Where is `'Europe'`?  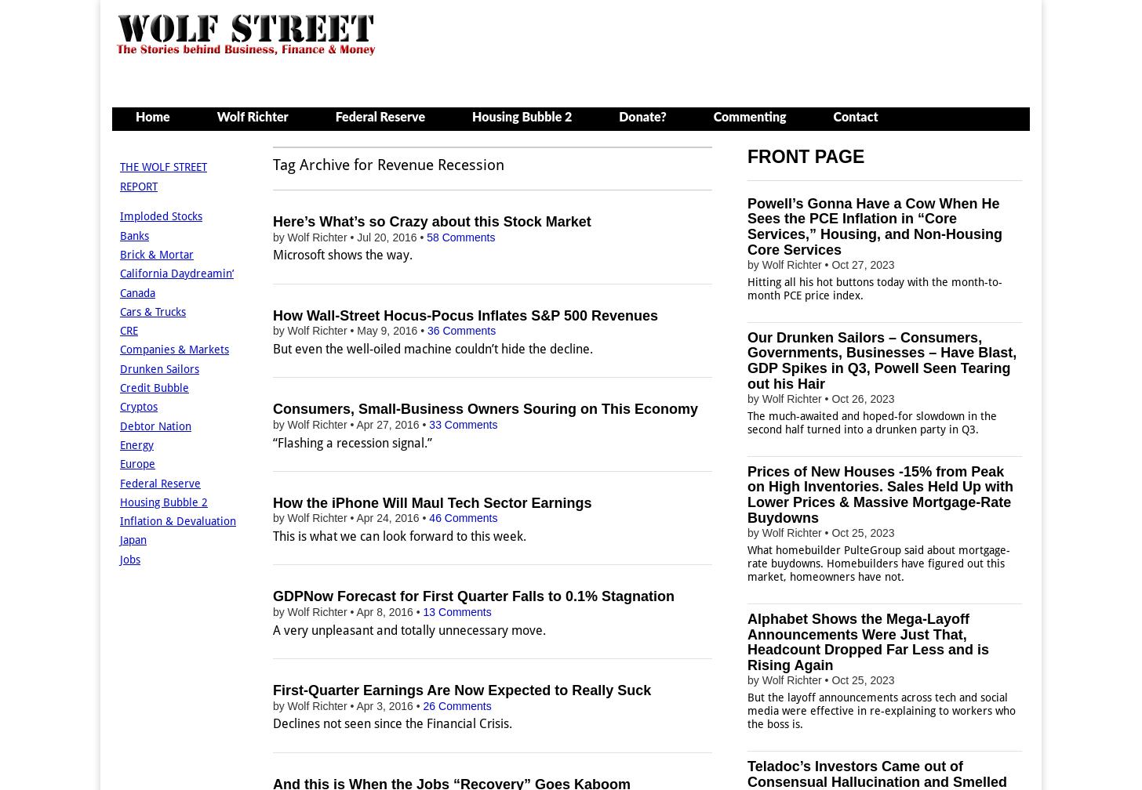
'Europe' is located at coordinates (137, 463).